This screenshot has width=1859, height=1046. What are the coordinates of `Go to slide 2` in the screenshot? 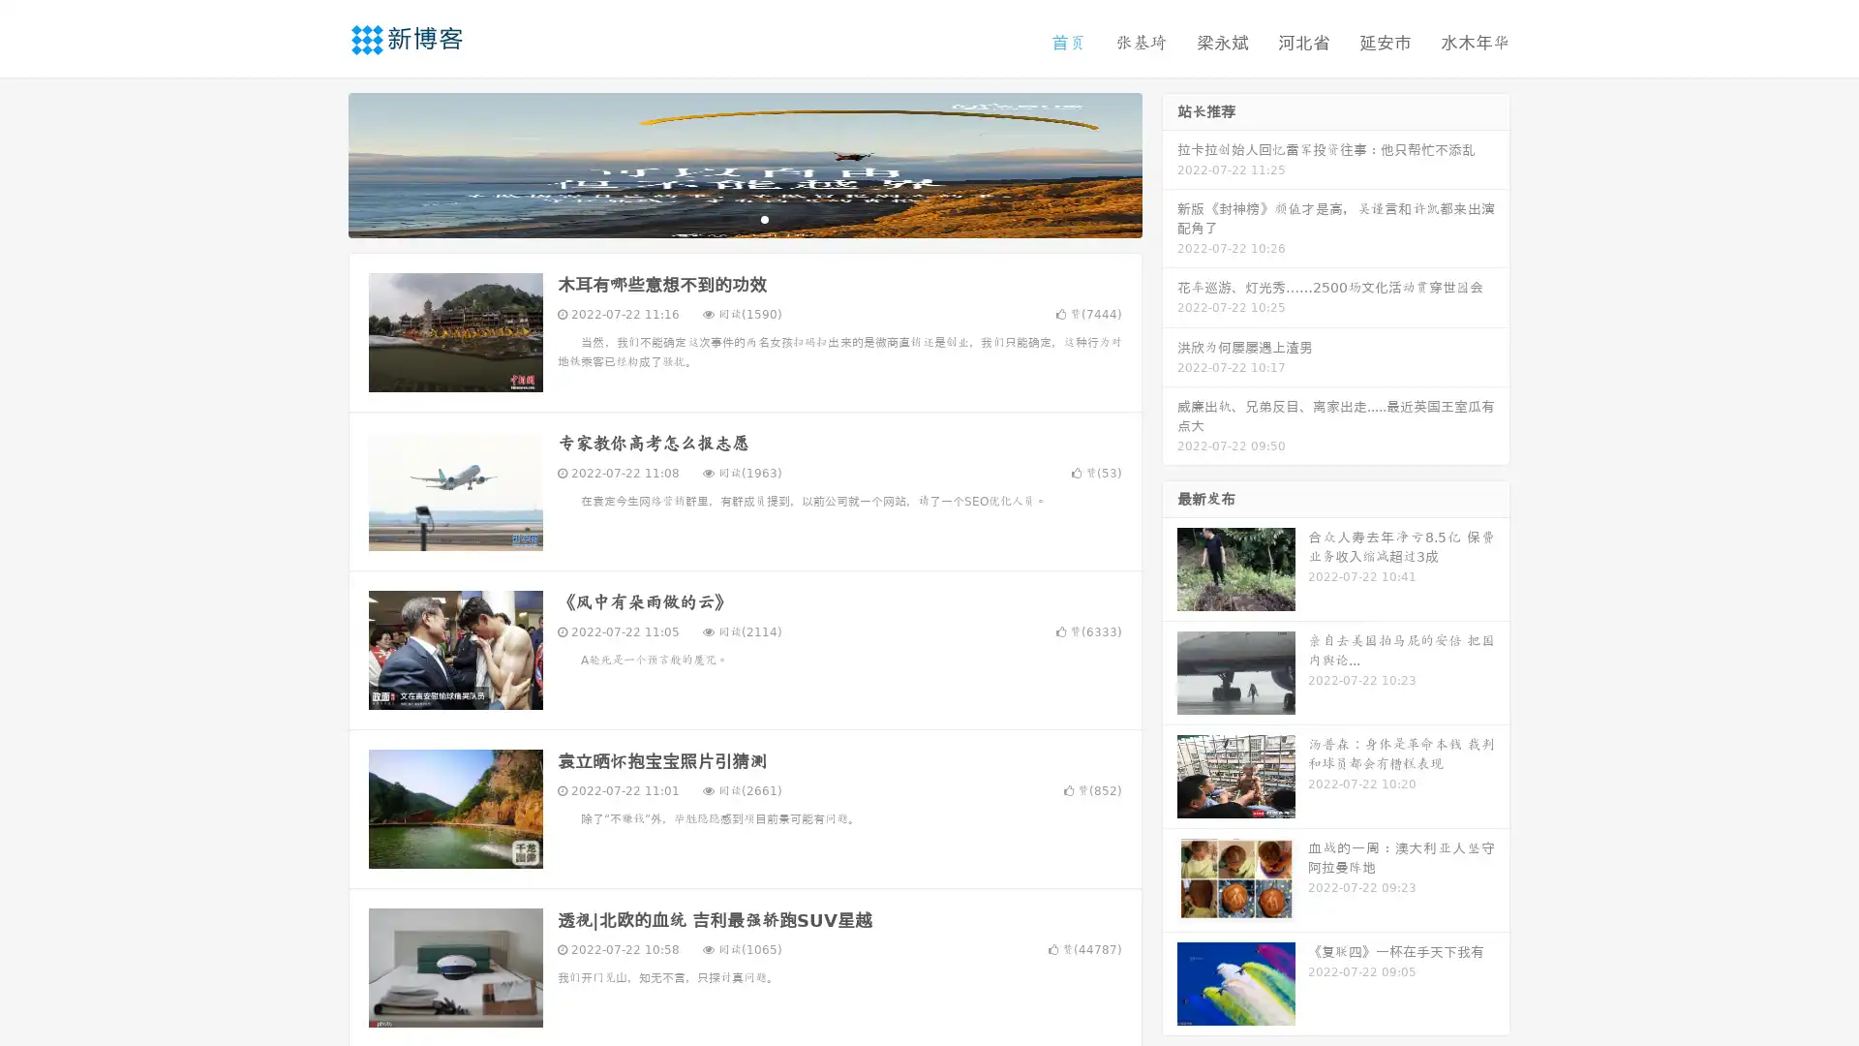 It's located at (744, 218).